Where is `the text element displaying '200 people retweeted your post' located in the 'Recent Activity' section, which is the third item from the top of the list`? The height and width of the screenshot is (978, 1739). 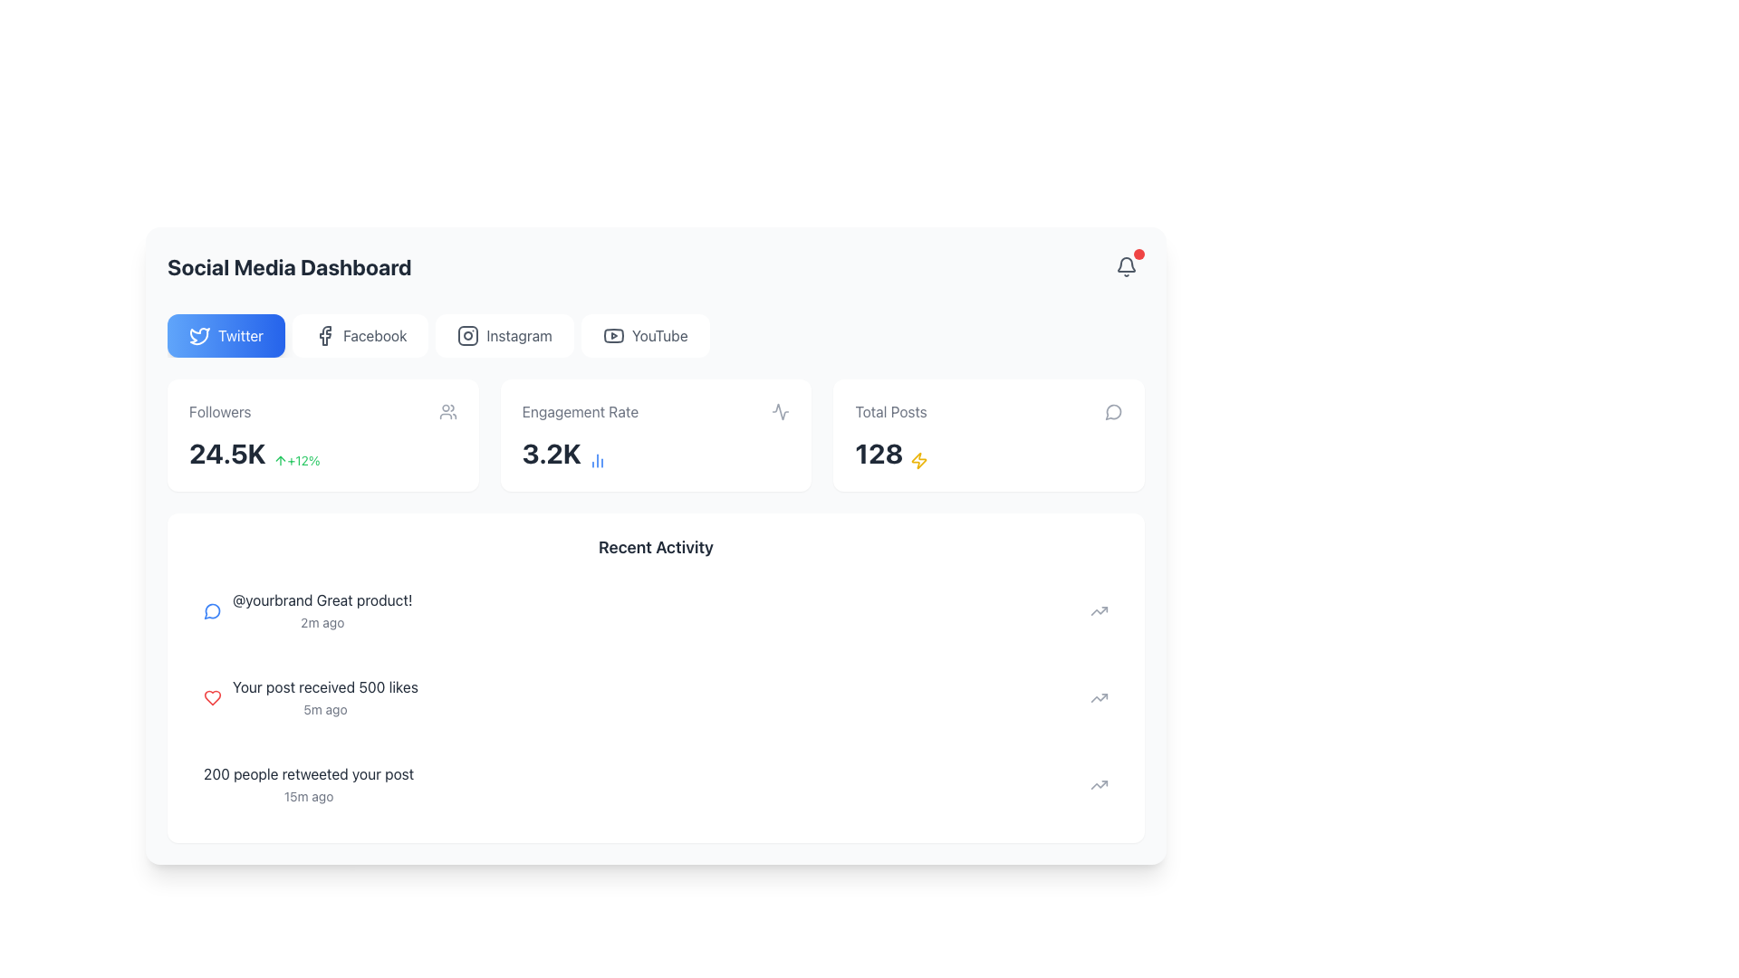
the text element displaying '200 people retweeted your post' located in the 'Recent Activity' section, which is the third item from the top of the list is located at coordinates (309, 784).